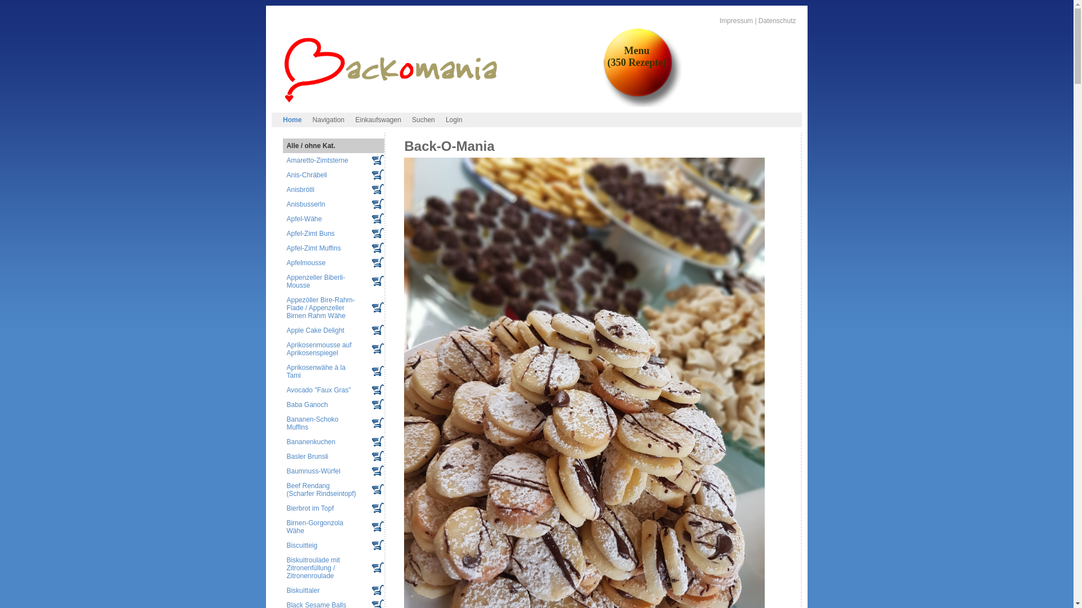  I want to click on 'Appenzeller Biberli-Mousse', so click(316, 281).